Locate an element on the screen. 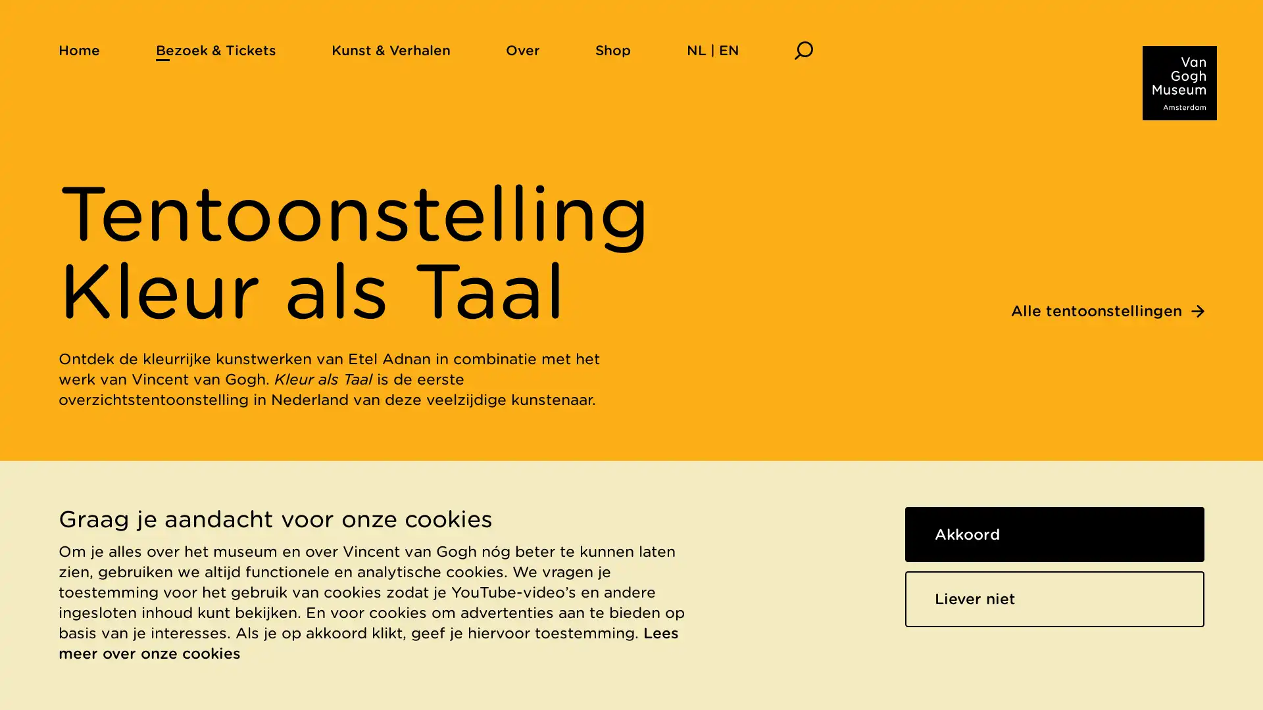  Liever niet is located at coordinates (1054, 598).